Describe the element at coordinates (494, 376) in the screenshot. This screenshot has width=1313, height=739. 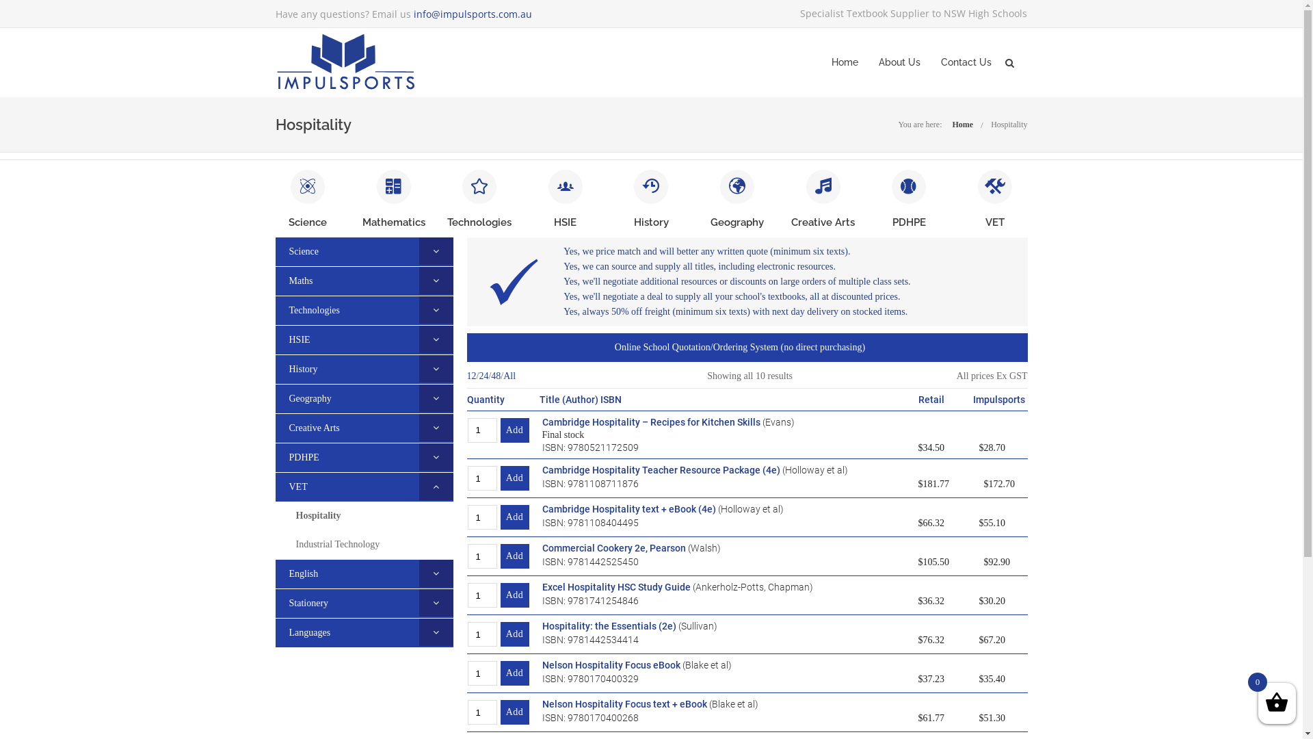
I see `'48'` at that location.